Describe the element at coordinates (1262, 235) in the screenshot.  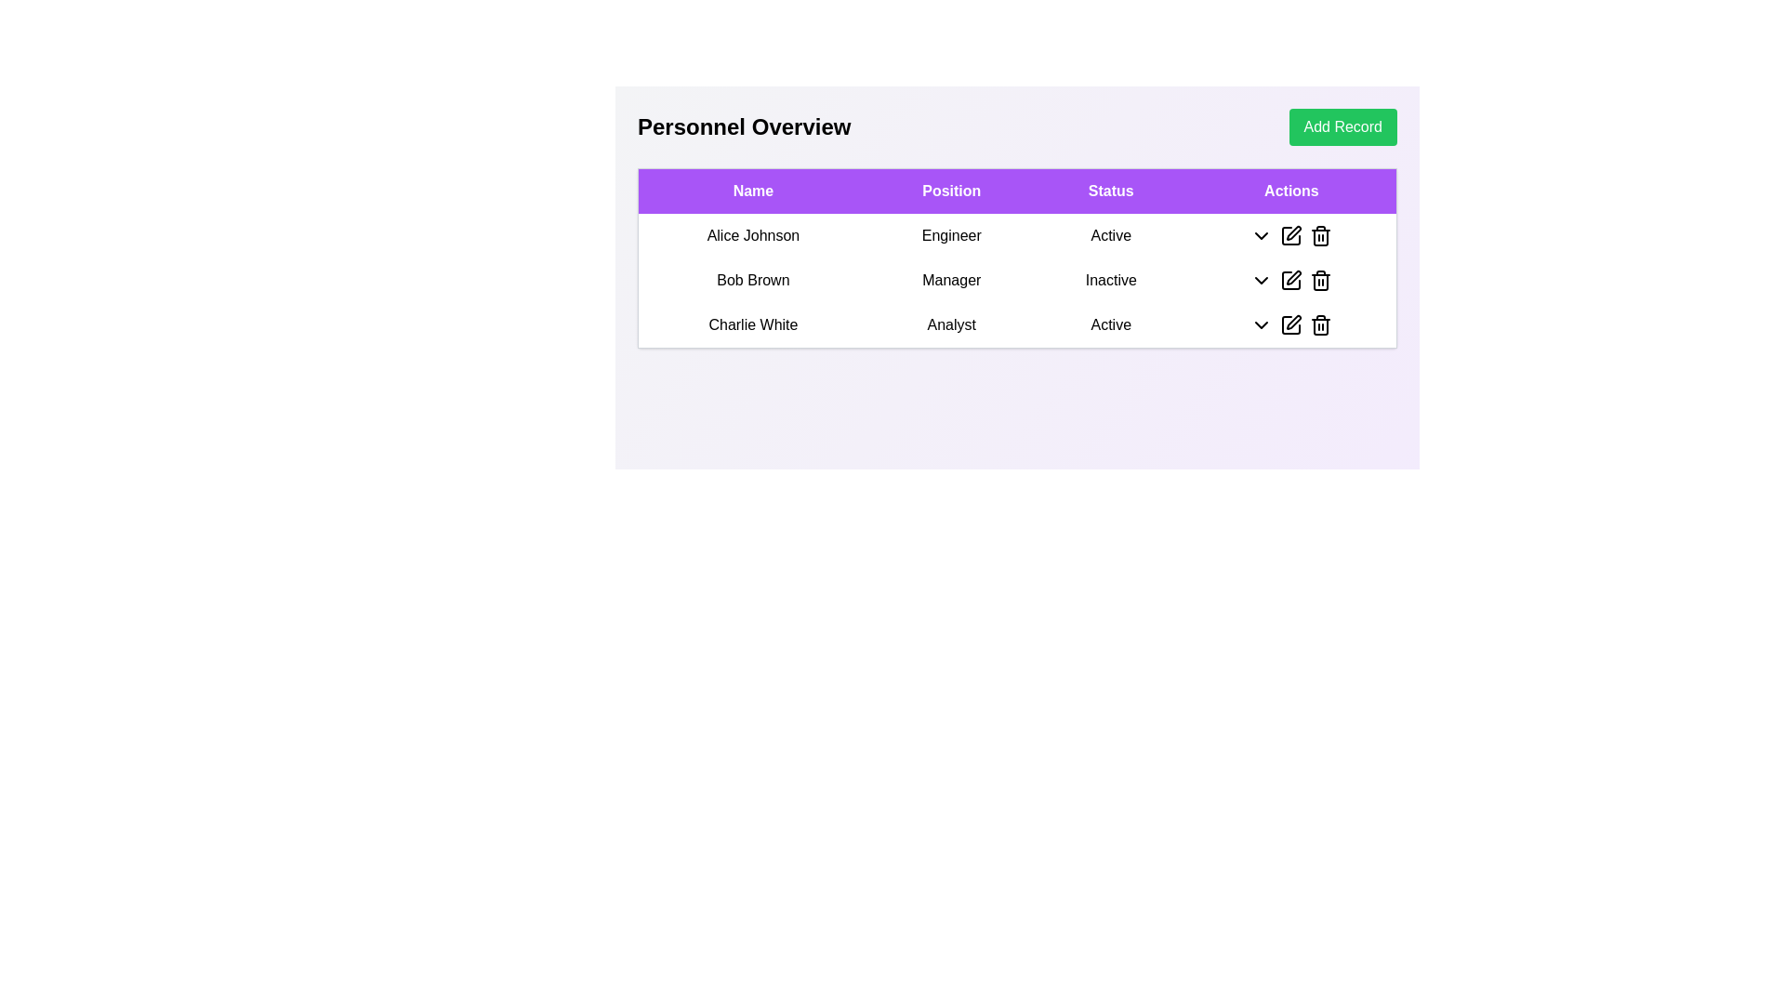
I see `the Dropdown toggle icon located in the 'Actions' column of the first row` at that location.